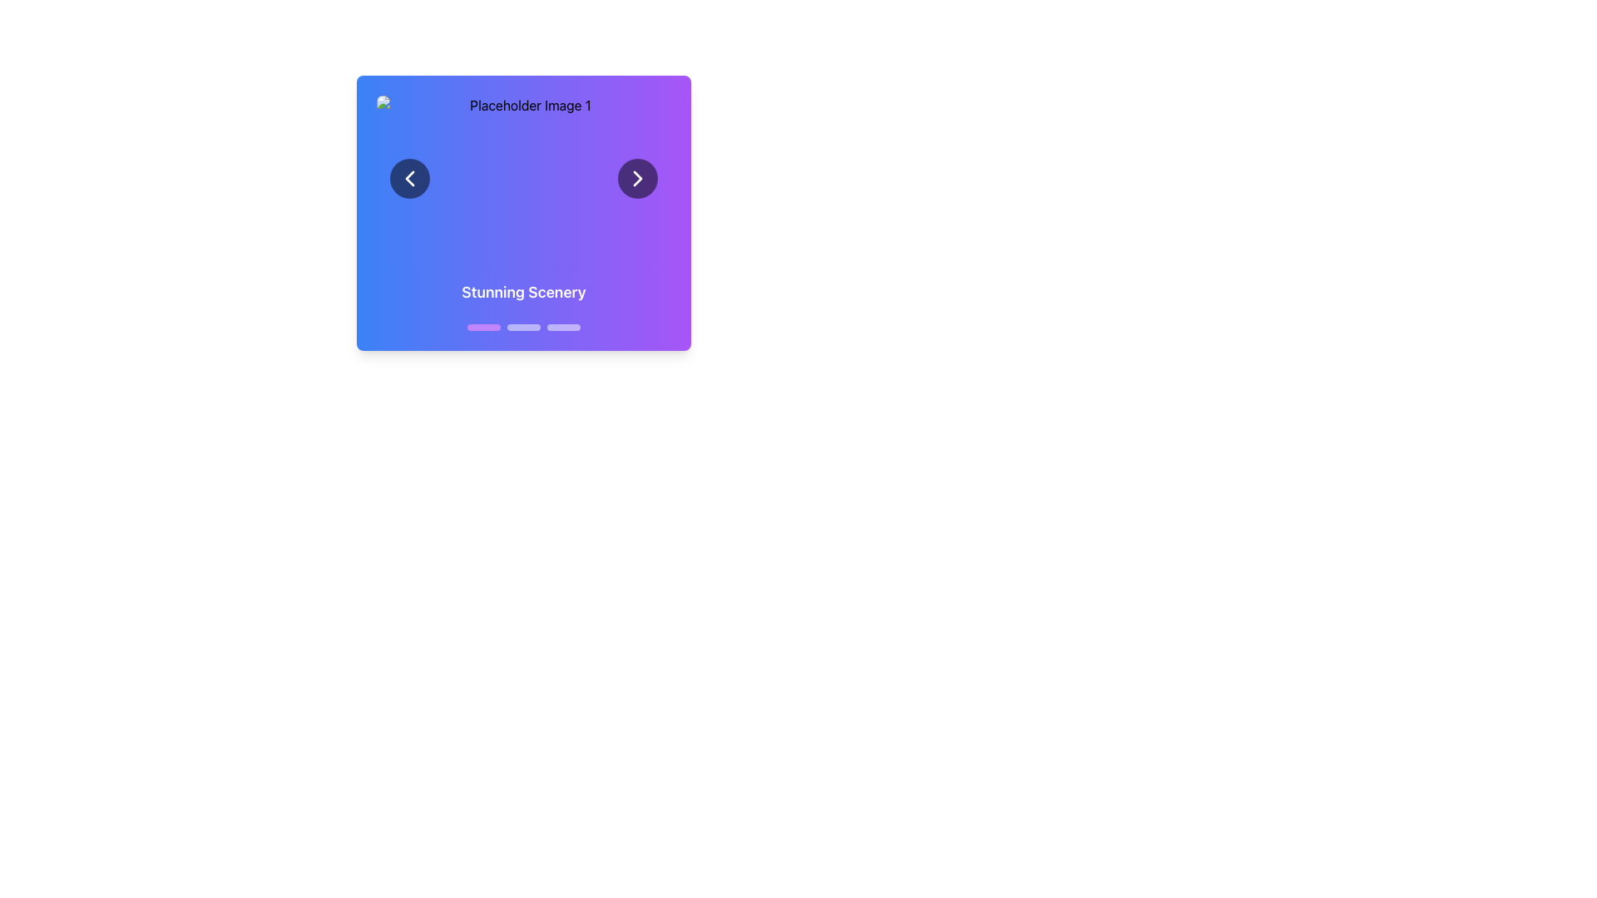 This screenshot has width=1597, height=898. What do you see at coordinates (637, 177) in the screenshot?
I see `the right-side navigational icon on the middle edge of the card` at bounding box center [637, 177].